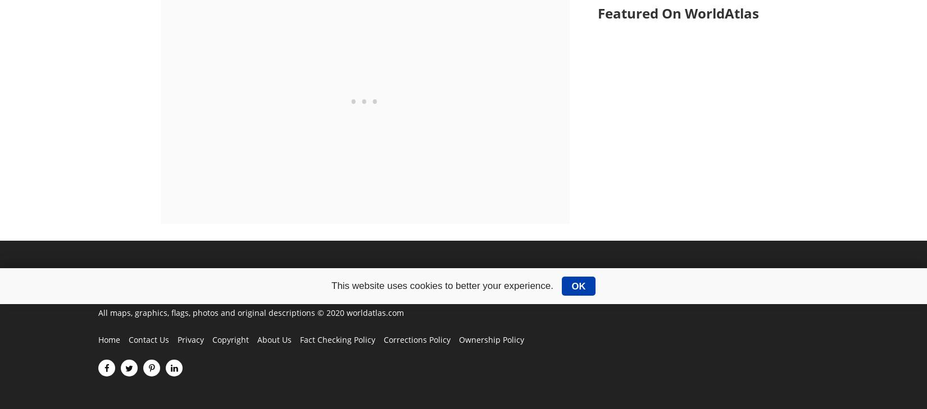 This screenshot has width=927, height=409. What do you see at coordinates (597, 12) in the screenshot?
I see `'Featured On WorldAtlas'` at bounding box center [597, 12].